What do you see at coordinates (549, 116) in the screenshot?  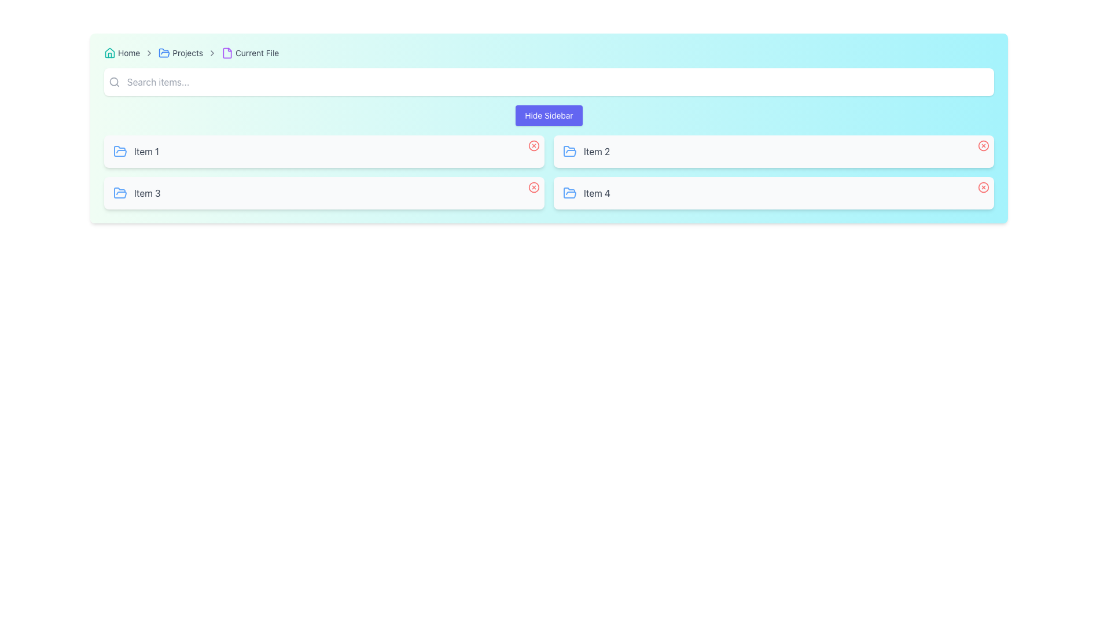 I see `the 'Hide Sidebar' button, which has a rounded shape, a purple background, and white text` at bounding box center [549, 116].